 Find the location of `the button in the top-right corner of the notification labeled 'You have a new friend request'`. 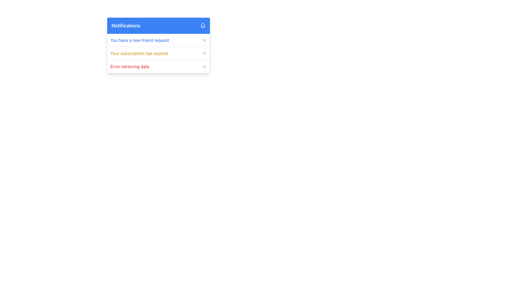

the button in the top-right corner of the notification labeled 'You have a new friend request' is located at coordinates (204, 40).